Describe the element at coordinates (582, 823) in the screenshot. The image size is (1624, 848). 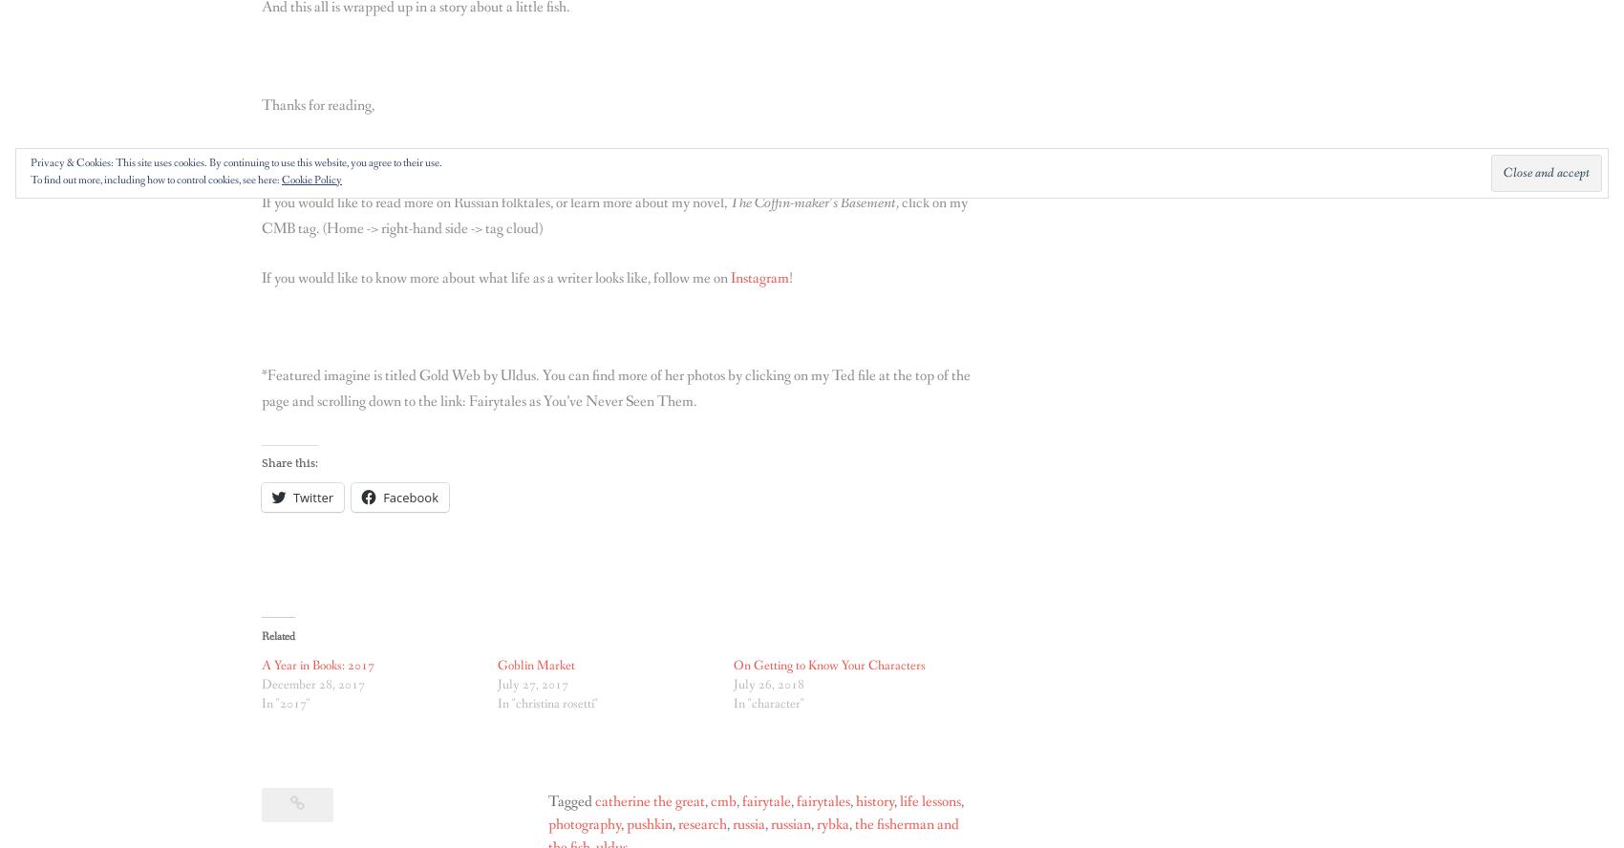
I see `'photography'` at that location.